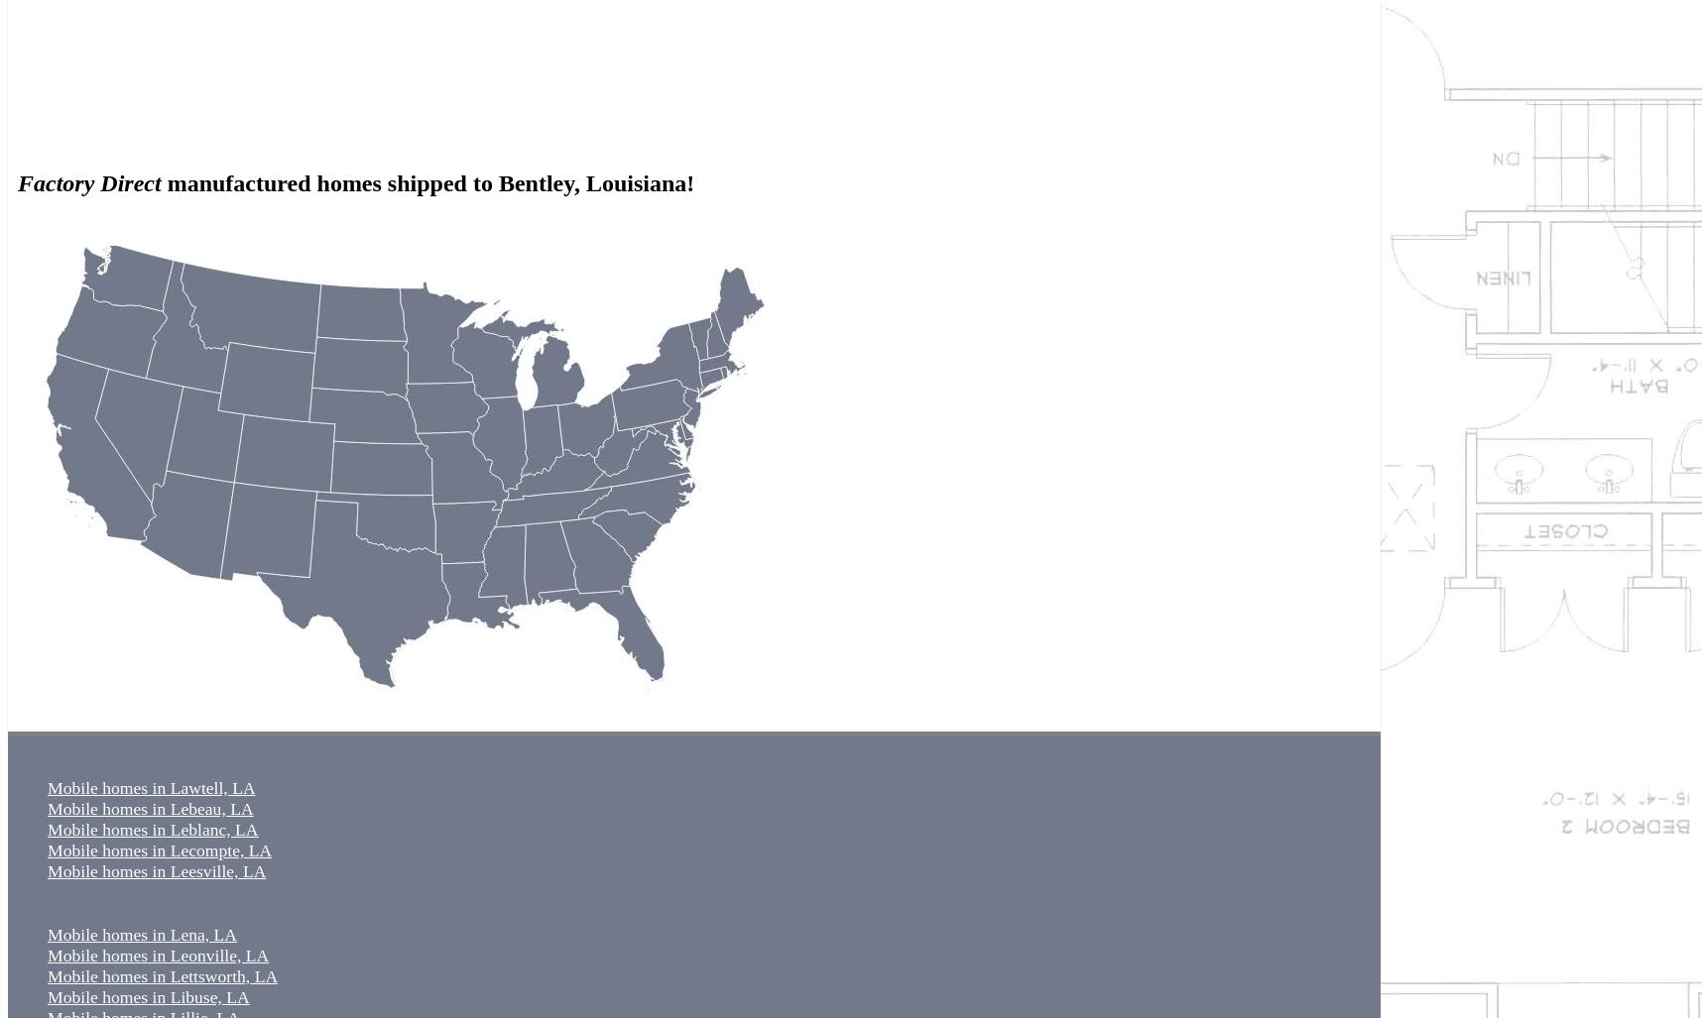  Describe the element at coordinates (159, 848) in the screenshot. I see `'Mobile homes in Lecompte, LA'` at that location.